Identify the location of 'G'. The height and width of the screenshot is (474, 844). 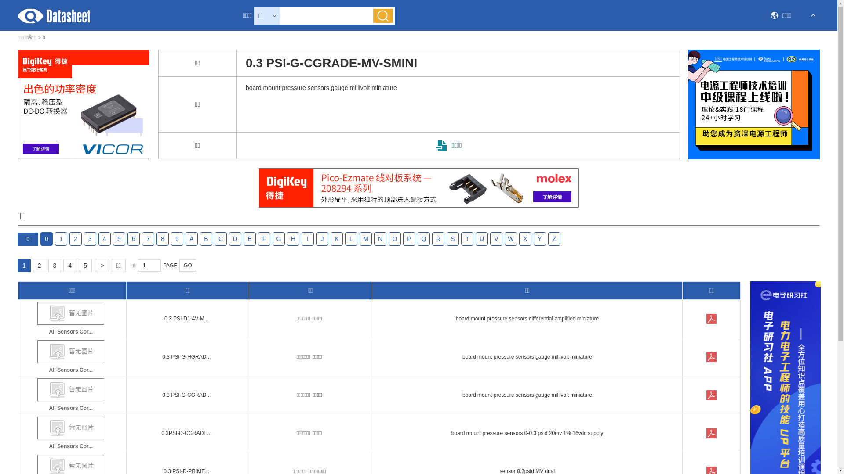
(278, 239).